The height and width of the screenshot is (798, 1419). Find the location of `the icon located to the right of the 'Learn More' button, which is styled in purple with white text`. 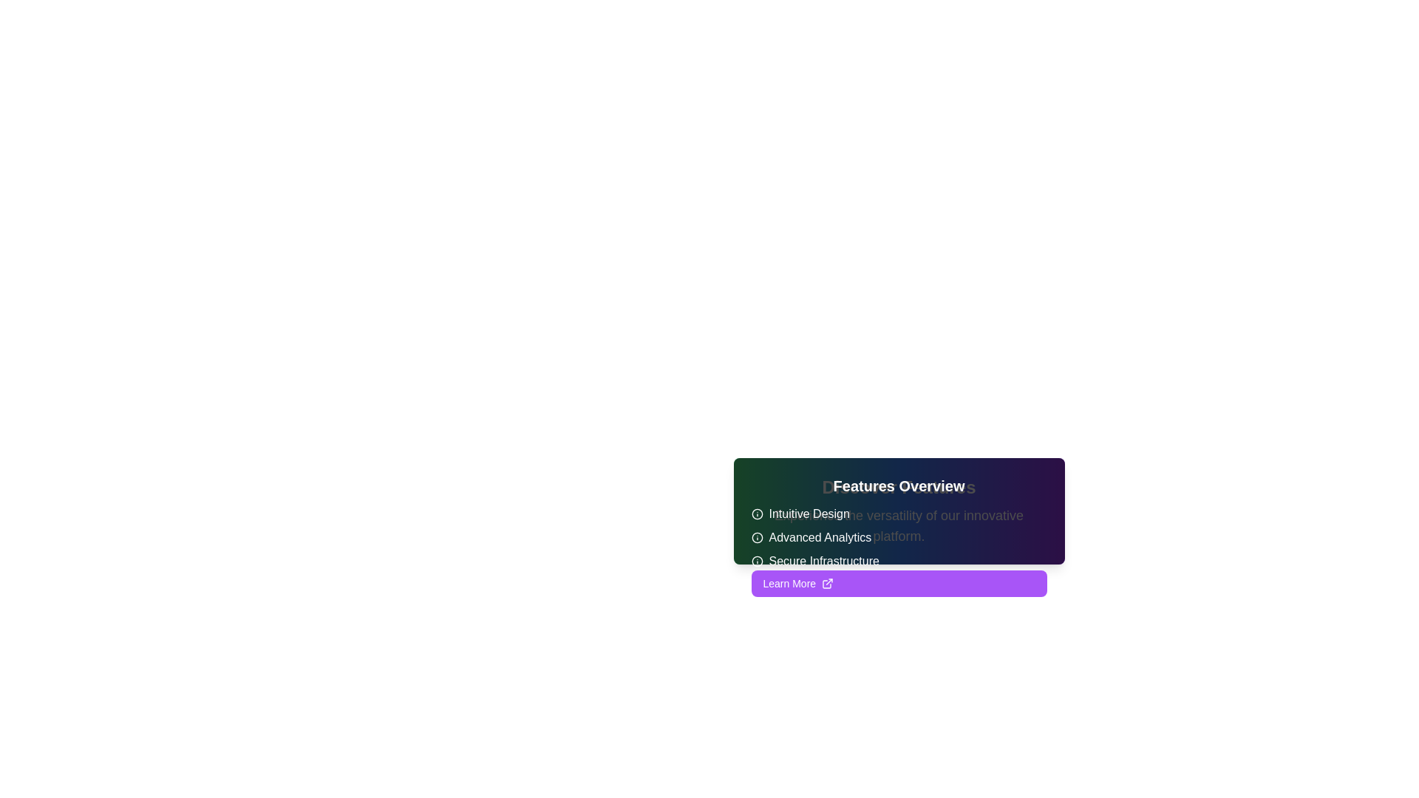

the icon located to the right of the 'Learn More' button, which is styled in purple with white text is located at coordinates (826, 583).